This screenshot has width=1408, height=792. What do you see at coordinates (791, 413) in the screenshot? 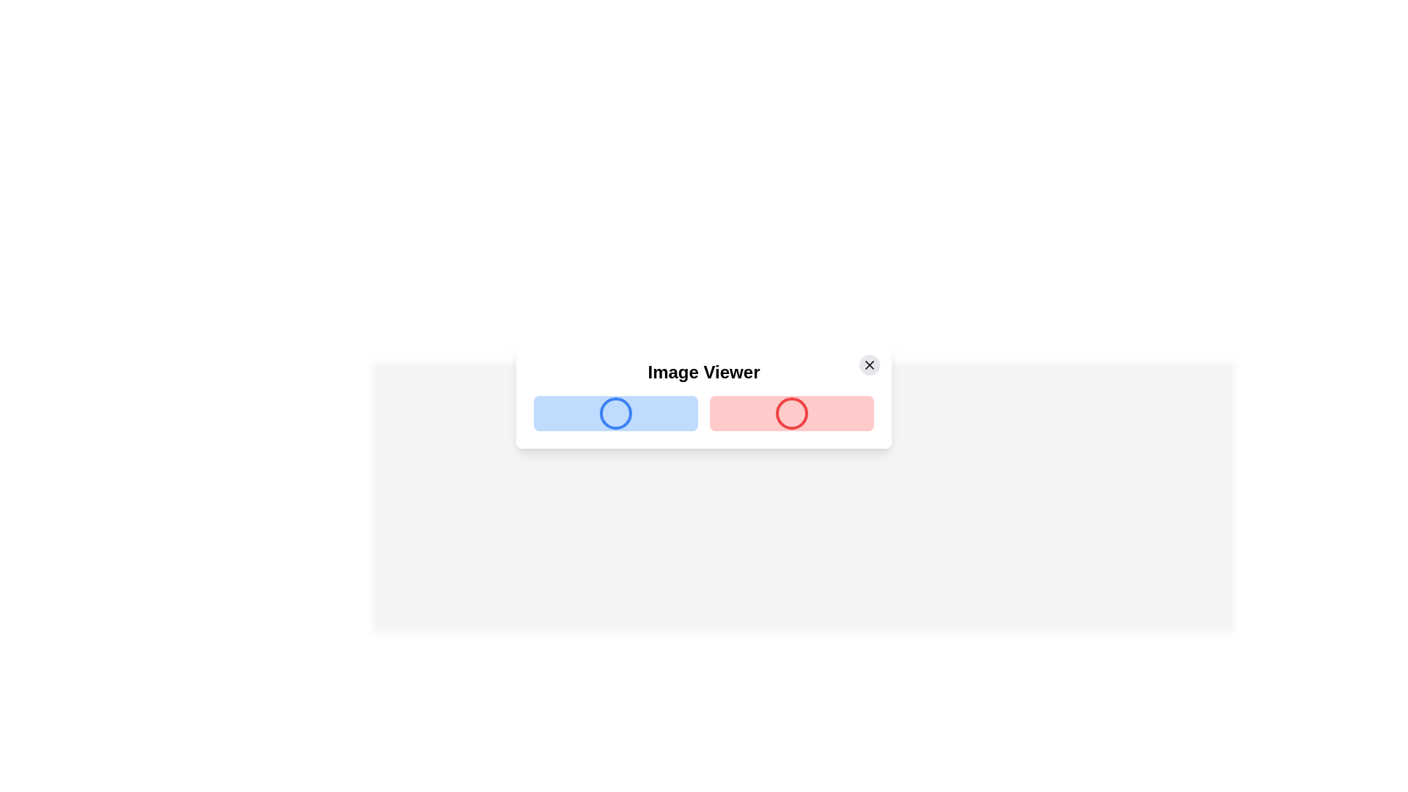
I see `the red outlined circular icon inside the second red rectangular button, located below the 'Image Viewer' text` at bounding box center [791, 413].